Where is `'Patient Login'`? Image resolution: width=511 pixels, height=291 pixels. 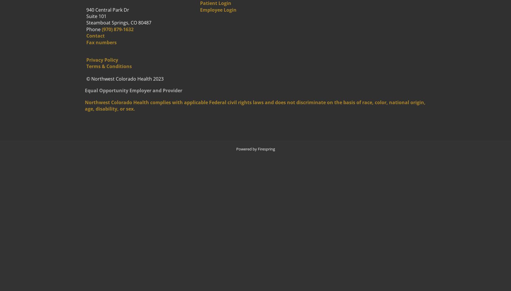 'Patient Login' is located at coordinates (216, 3).